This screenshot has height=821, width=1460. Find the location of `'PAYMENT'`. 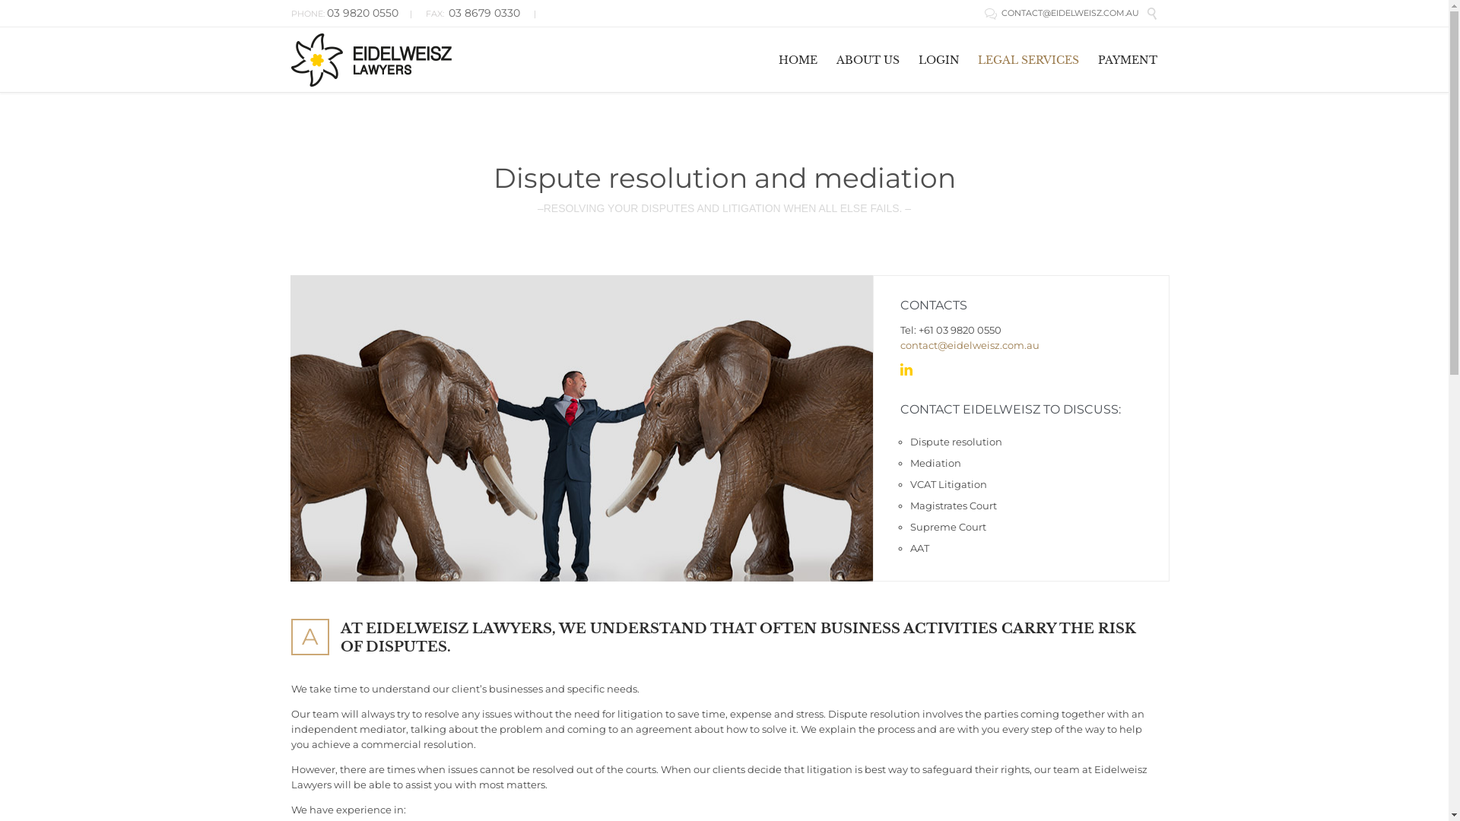

'PAYMENT' is located at coordinates (1128, 58).